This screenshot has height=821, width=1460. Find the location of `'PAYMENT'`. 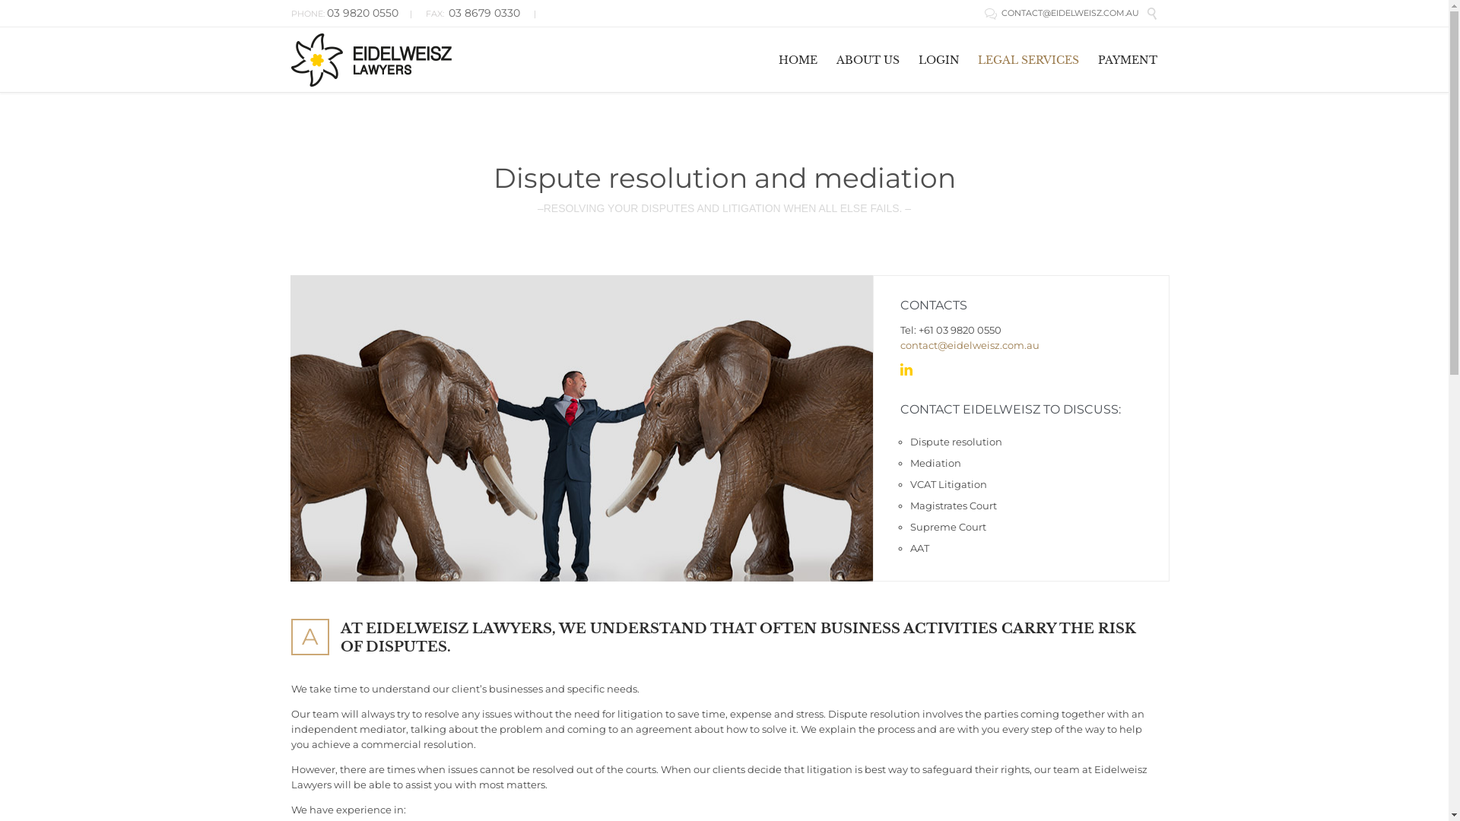

'PAYMENT' is located at coordinates (1128, 58).